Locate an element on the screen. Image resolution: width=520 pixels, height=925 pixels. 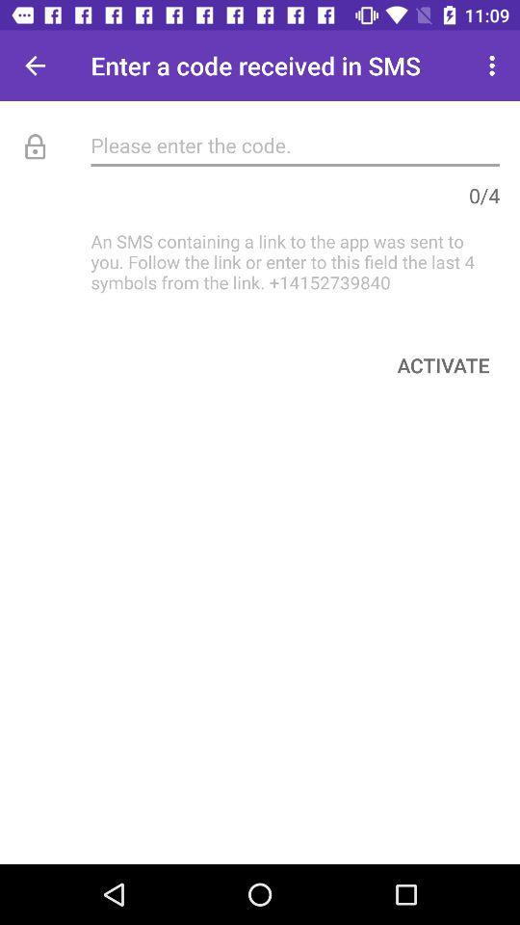
a code is located at coordinates (295, 144).